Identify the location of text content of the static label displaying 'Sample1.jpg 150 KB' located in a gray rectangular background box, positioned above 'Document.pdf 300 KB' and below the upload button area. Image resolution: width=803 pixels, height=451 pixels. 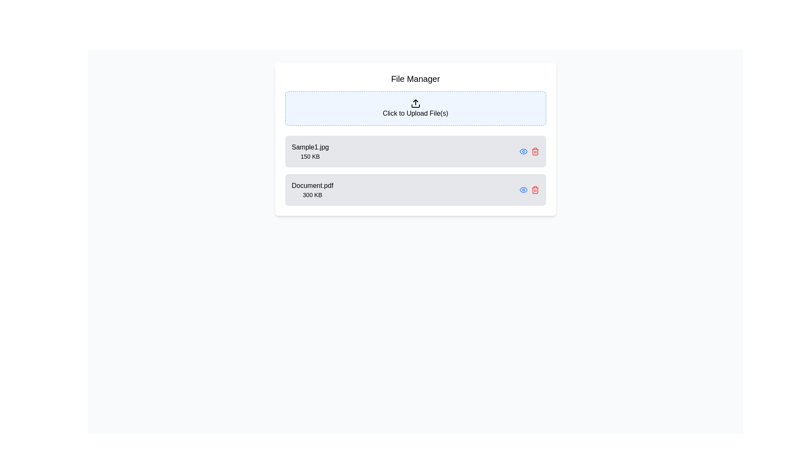
(309, 151).